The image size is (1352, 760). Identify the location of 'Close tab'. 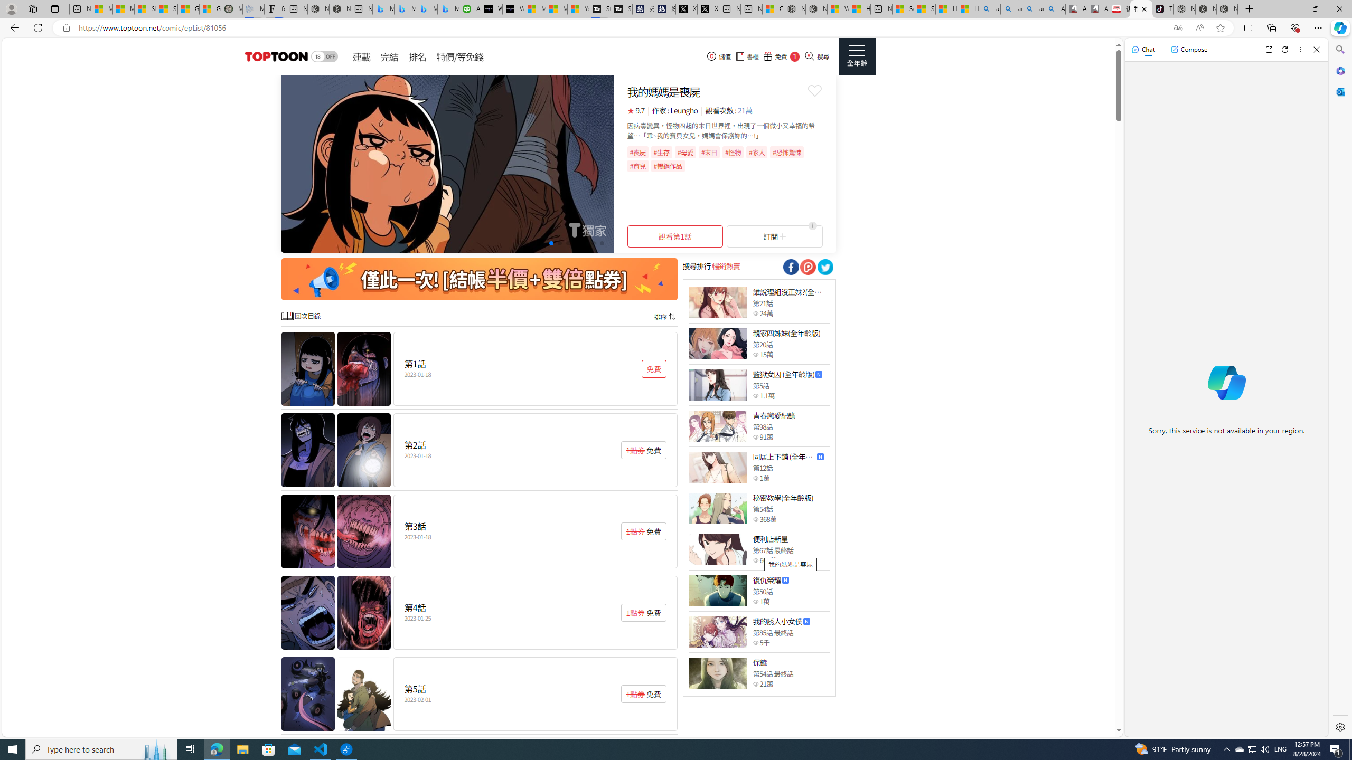
(1144, 8).